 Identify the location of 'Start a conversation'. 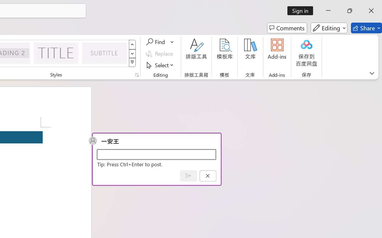
(156, 154).